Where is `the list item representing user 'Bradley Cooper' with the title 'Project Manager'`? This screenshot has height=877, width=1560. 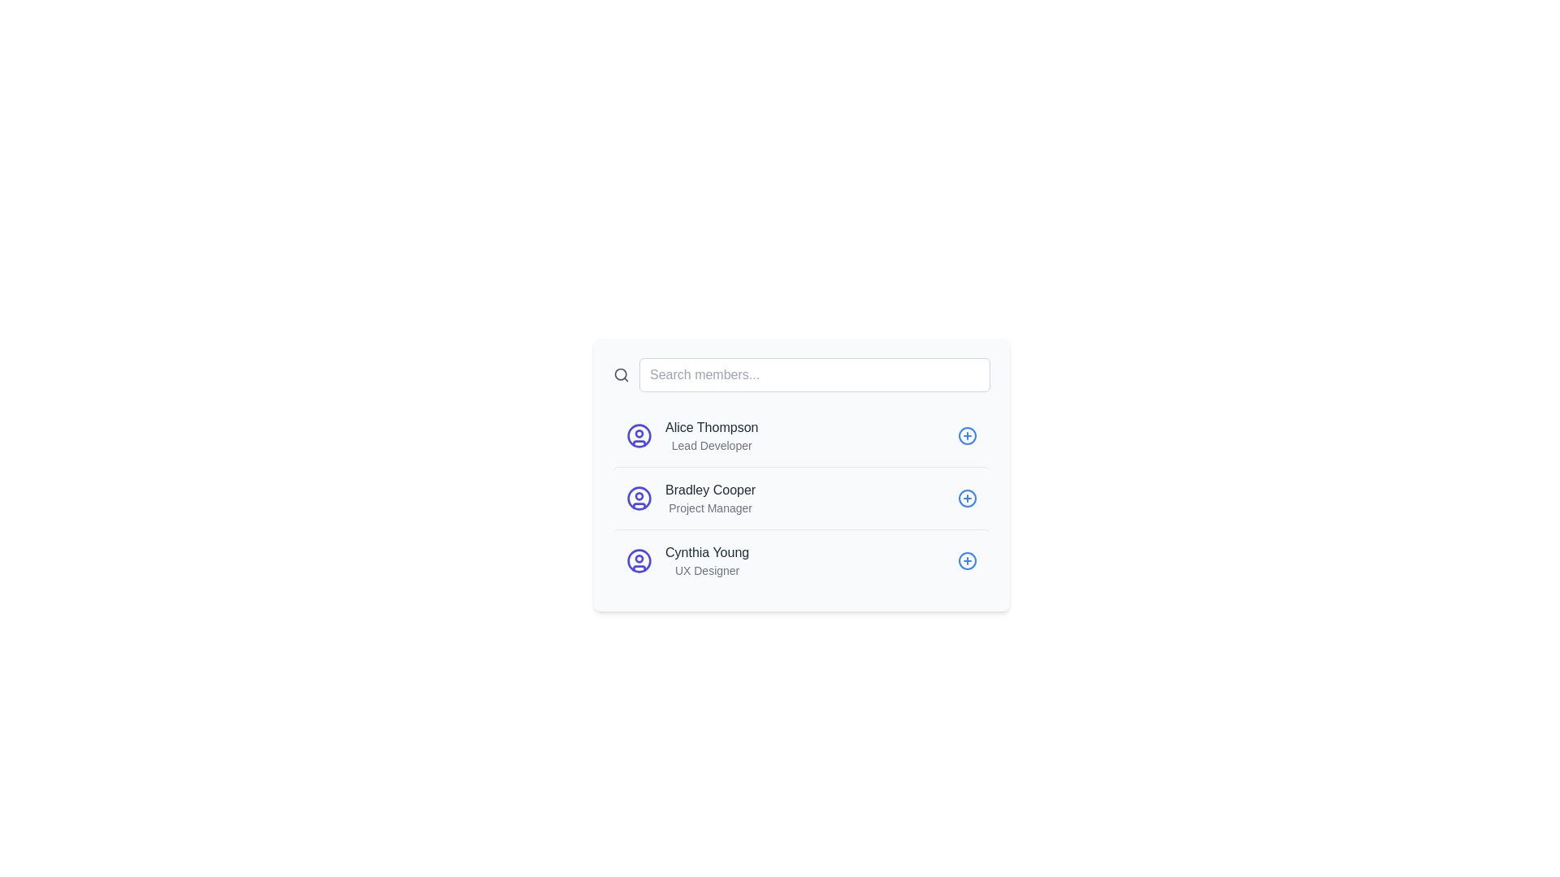 the list item representing user 'Bradley Cooper' with the title 'Project Manager' is located at coordinates (802, 497).